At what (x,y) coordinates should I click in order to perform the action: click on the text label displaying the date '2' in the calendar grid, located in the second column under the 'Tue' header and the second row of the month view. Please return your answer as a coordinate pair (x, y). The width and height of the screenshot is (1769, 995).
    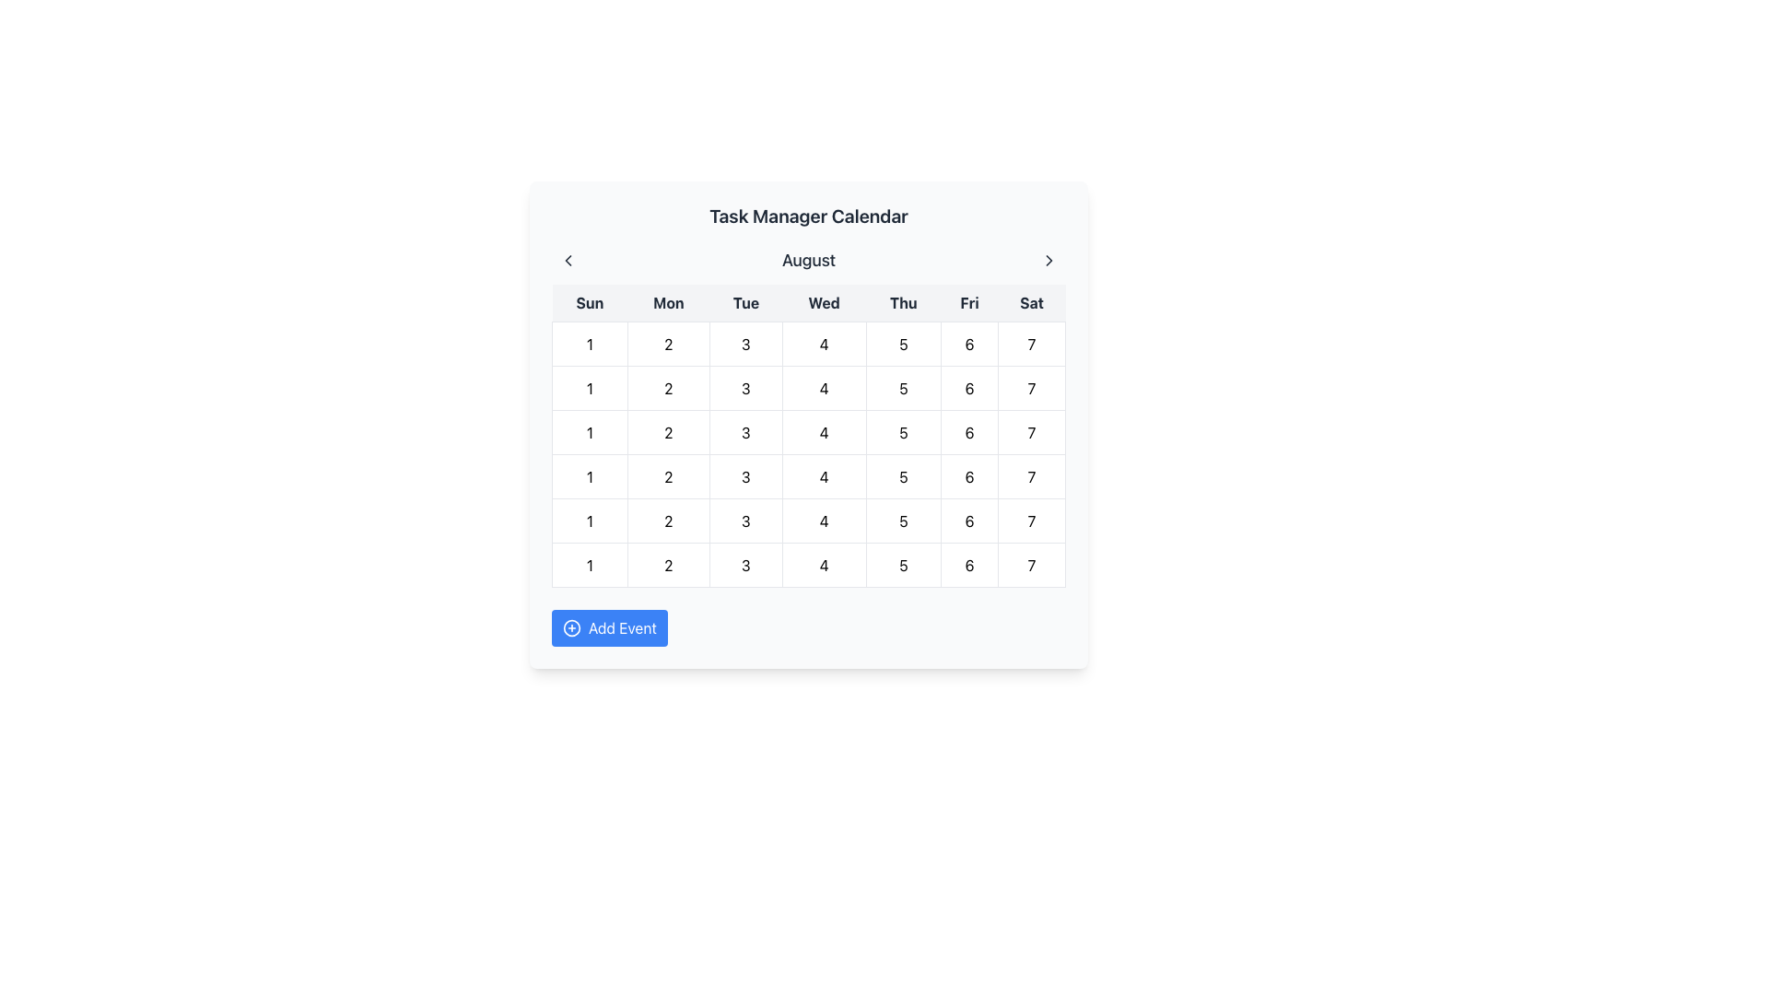
    Looking at the image, I should click on (667, 475).